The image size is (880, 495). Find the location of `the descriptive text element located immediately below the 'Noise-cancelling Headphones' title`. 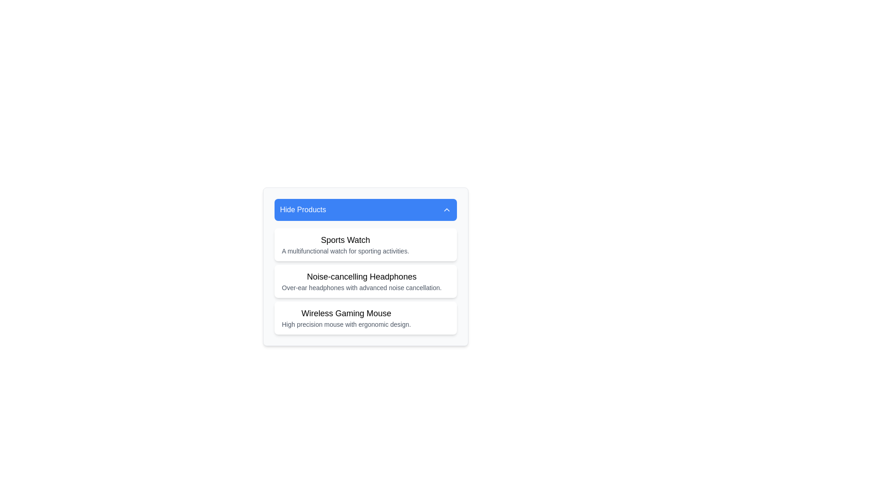

the descriptive text element located immediately below the 'Noise-cancelling Headphones' title is located at coordinates (361, 287).